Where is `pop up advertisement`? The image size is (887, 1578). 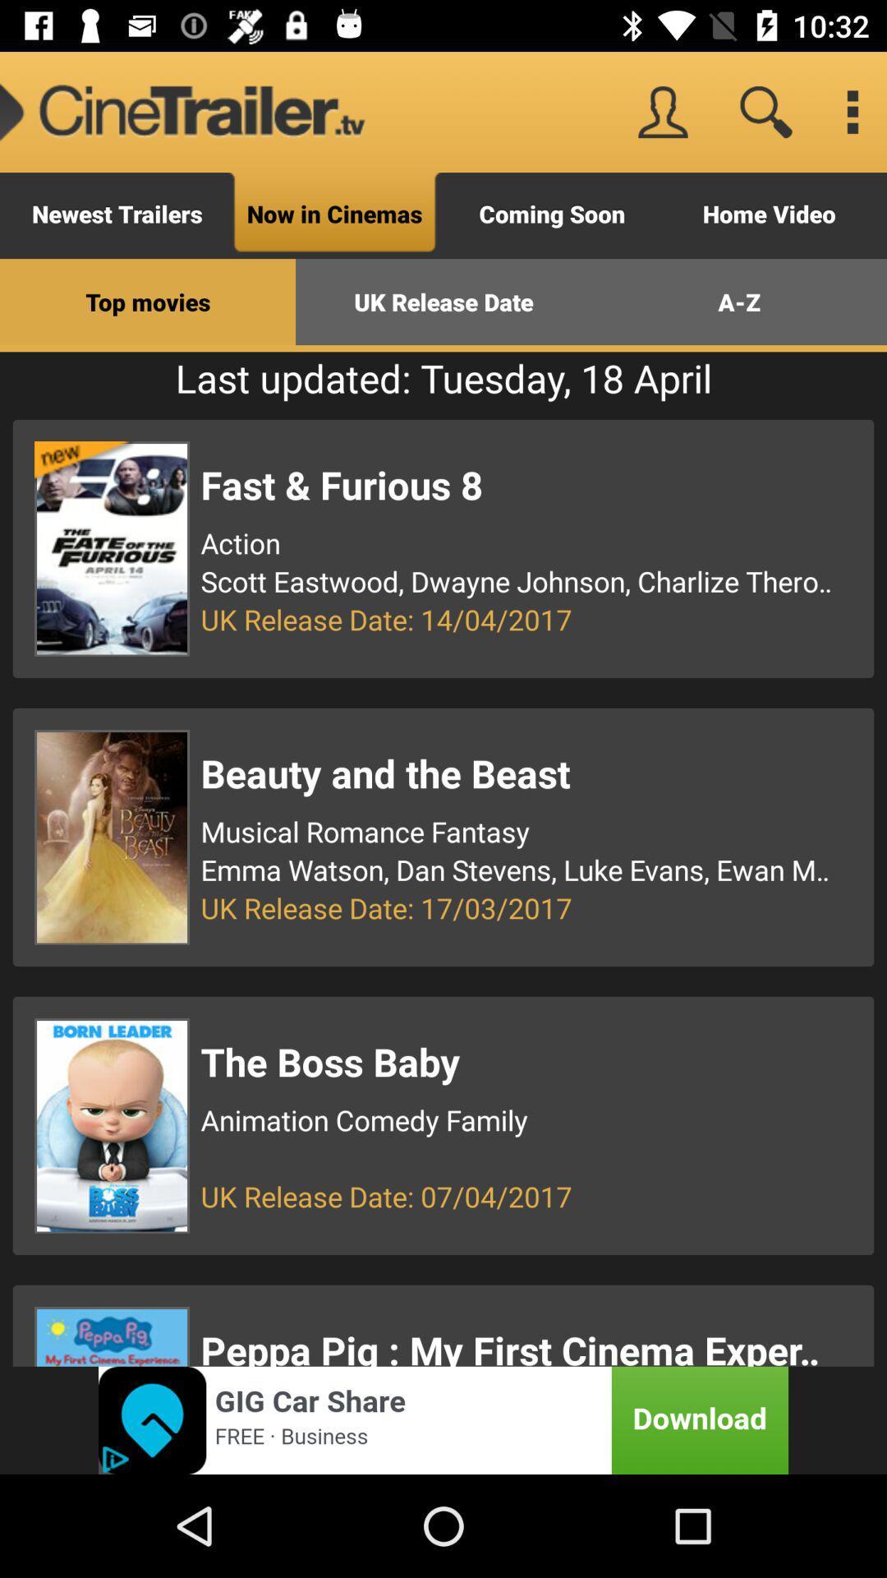 pop up advertisement is located at coordinates (443, 1419).